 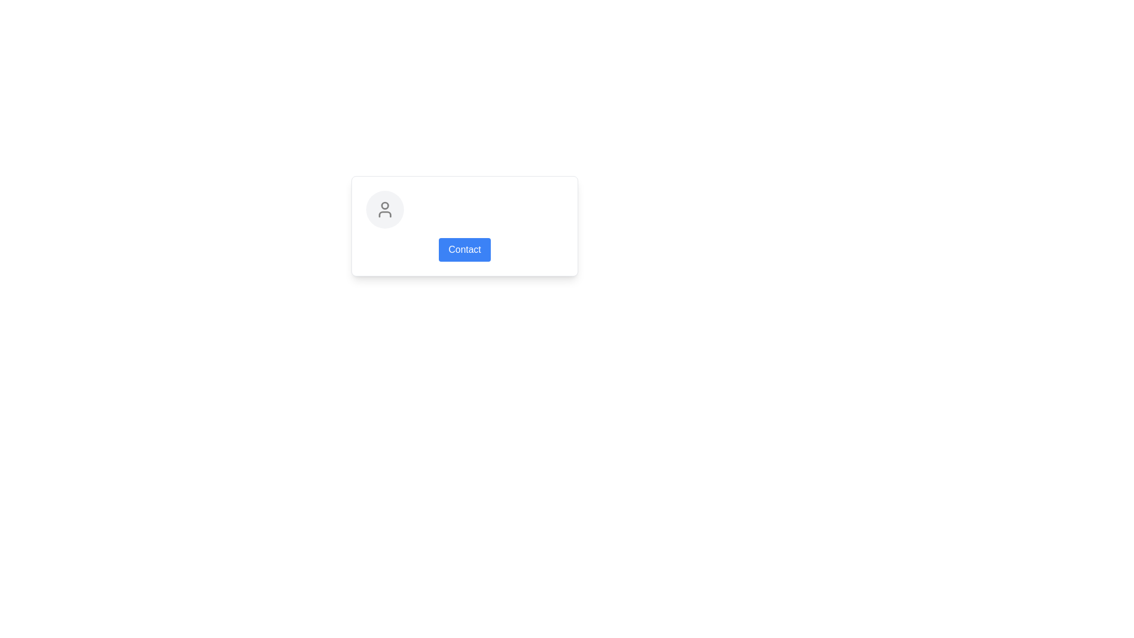 What do you see at coordinates (385, 209) in the screenshot?
I see `the user profile icon located in the top-left region of the rounded rectangular card layout` at bounding box center [385, 209].